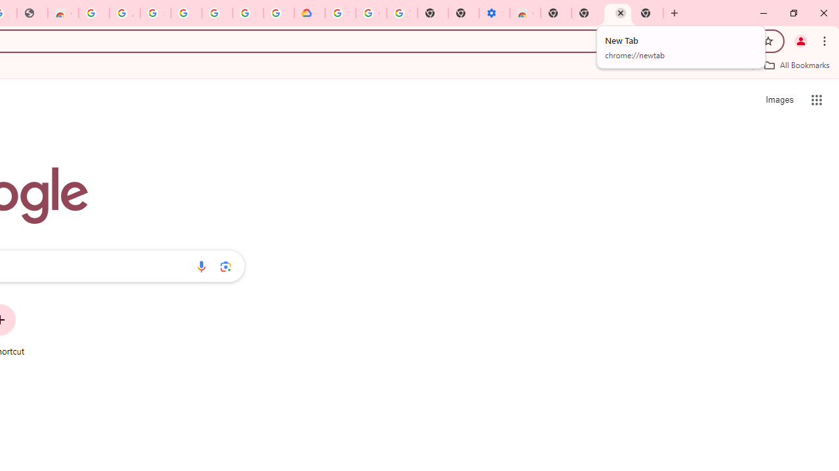 Image resolution: width=839 pixels, height=471 pixels. What do you see at coordinates (401, 13) in the screenshot?
I see `'Turn cookies on or off - Computer - Google Account Help'` at bounding box center [401, 13].